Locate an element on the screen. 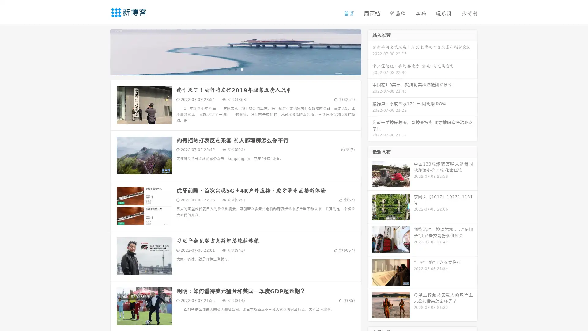 Image resolution: width=588 pixels, height=331 pixels. Go to slide 3 is located at coordinates (242, 69).